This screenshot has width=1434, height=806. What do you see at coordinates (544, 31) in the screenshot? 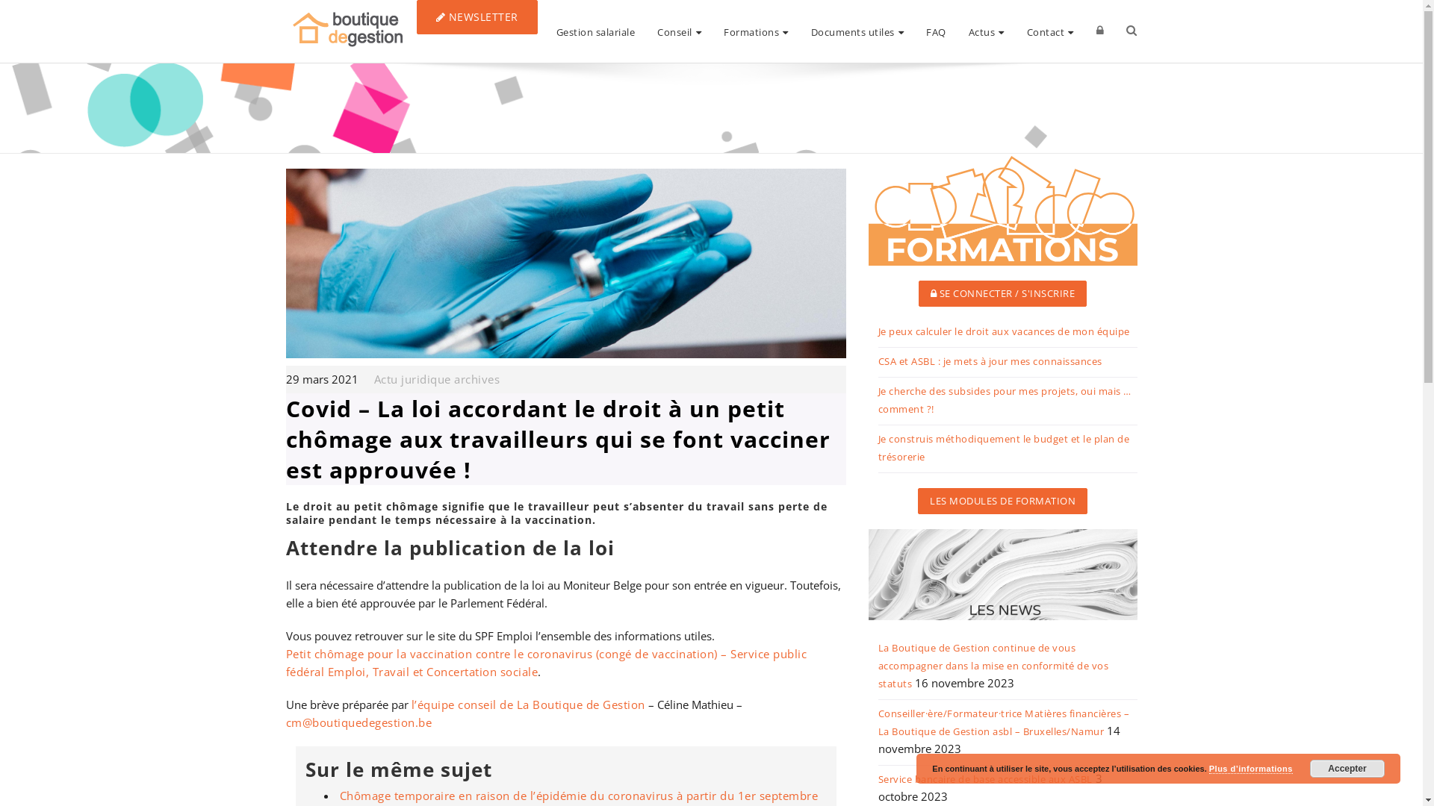
I see `'Gestion salariale'` at bounding box center [544, 31].